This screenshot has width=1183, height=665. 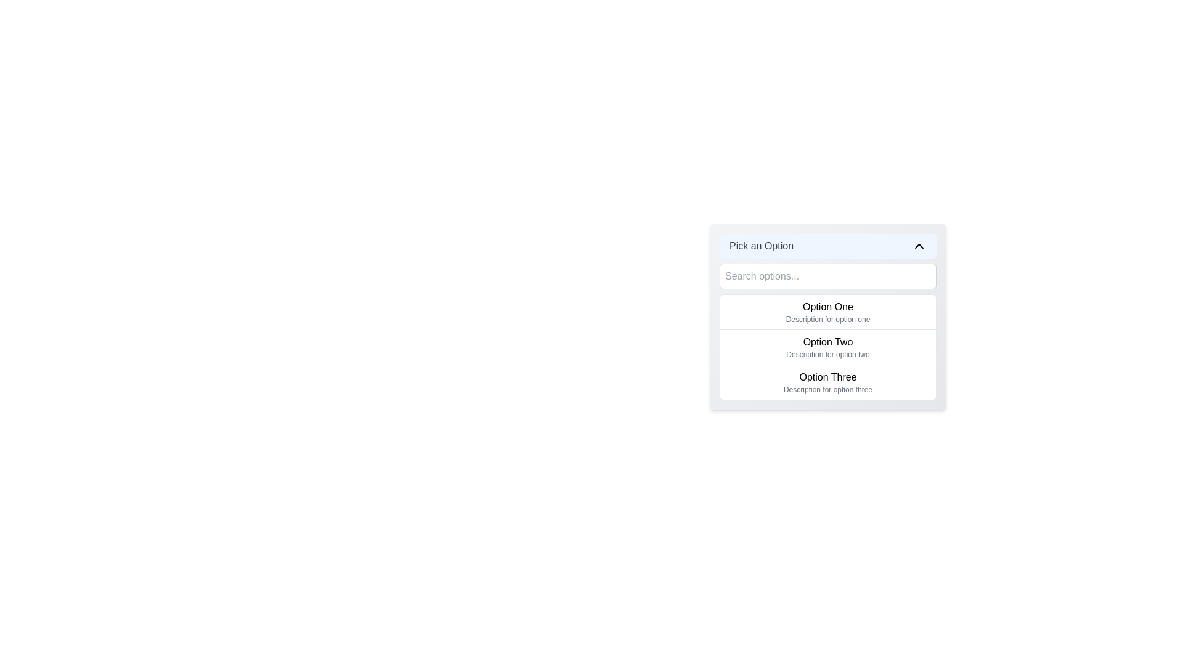 What do you see at coordinates (828, 389) in the screenshot?
I see `the text section displaying 'Description for option three', which is located directly below the bolded 'Option Three' text in the third option entry of a vertical list` at bounding box center [828, 389].